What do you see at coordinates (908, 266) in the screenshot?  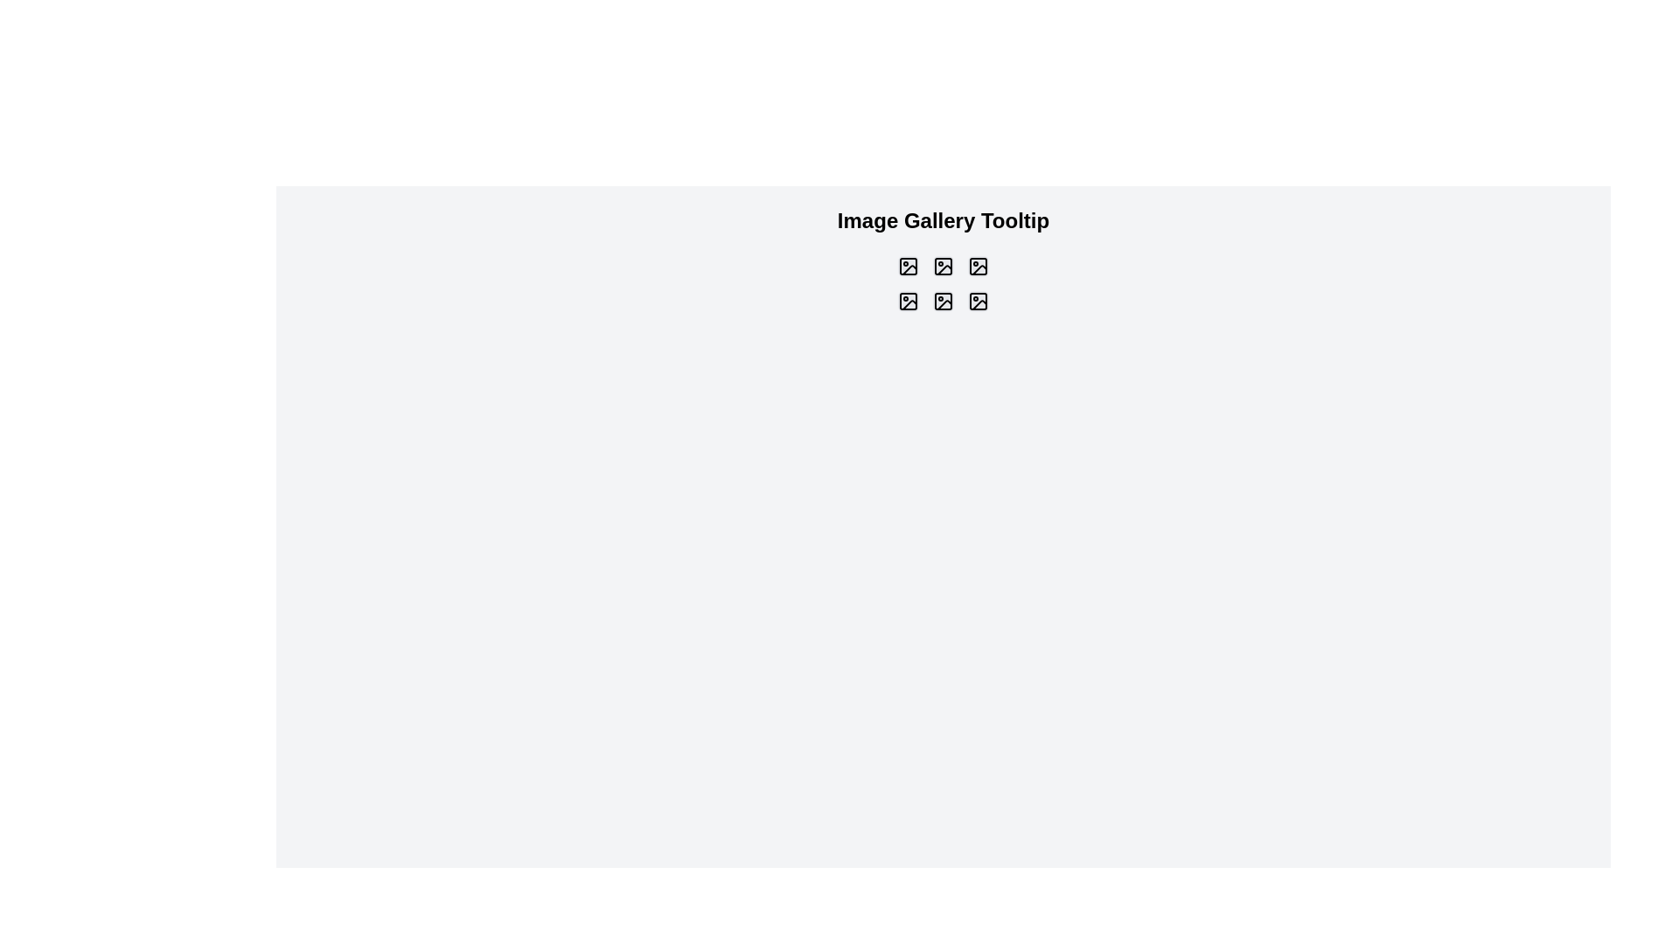 I see `the image icon` at bounding box center [908, 266].